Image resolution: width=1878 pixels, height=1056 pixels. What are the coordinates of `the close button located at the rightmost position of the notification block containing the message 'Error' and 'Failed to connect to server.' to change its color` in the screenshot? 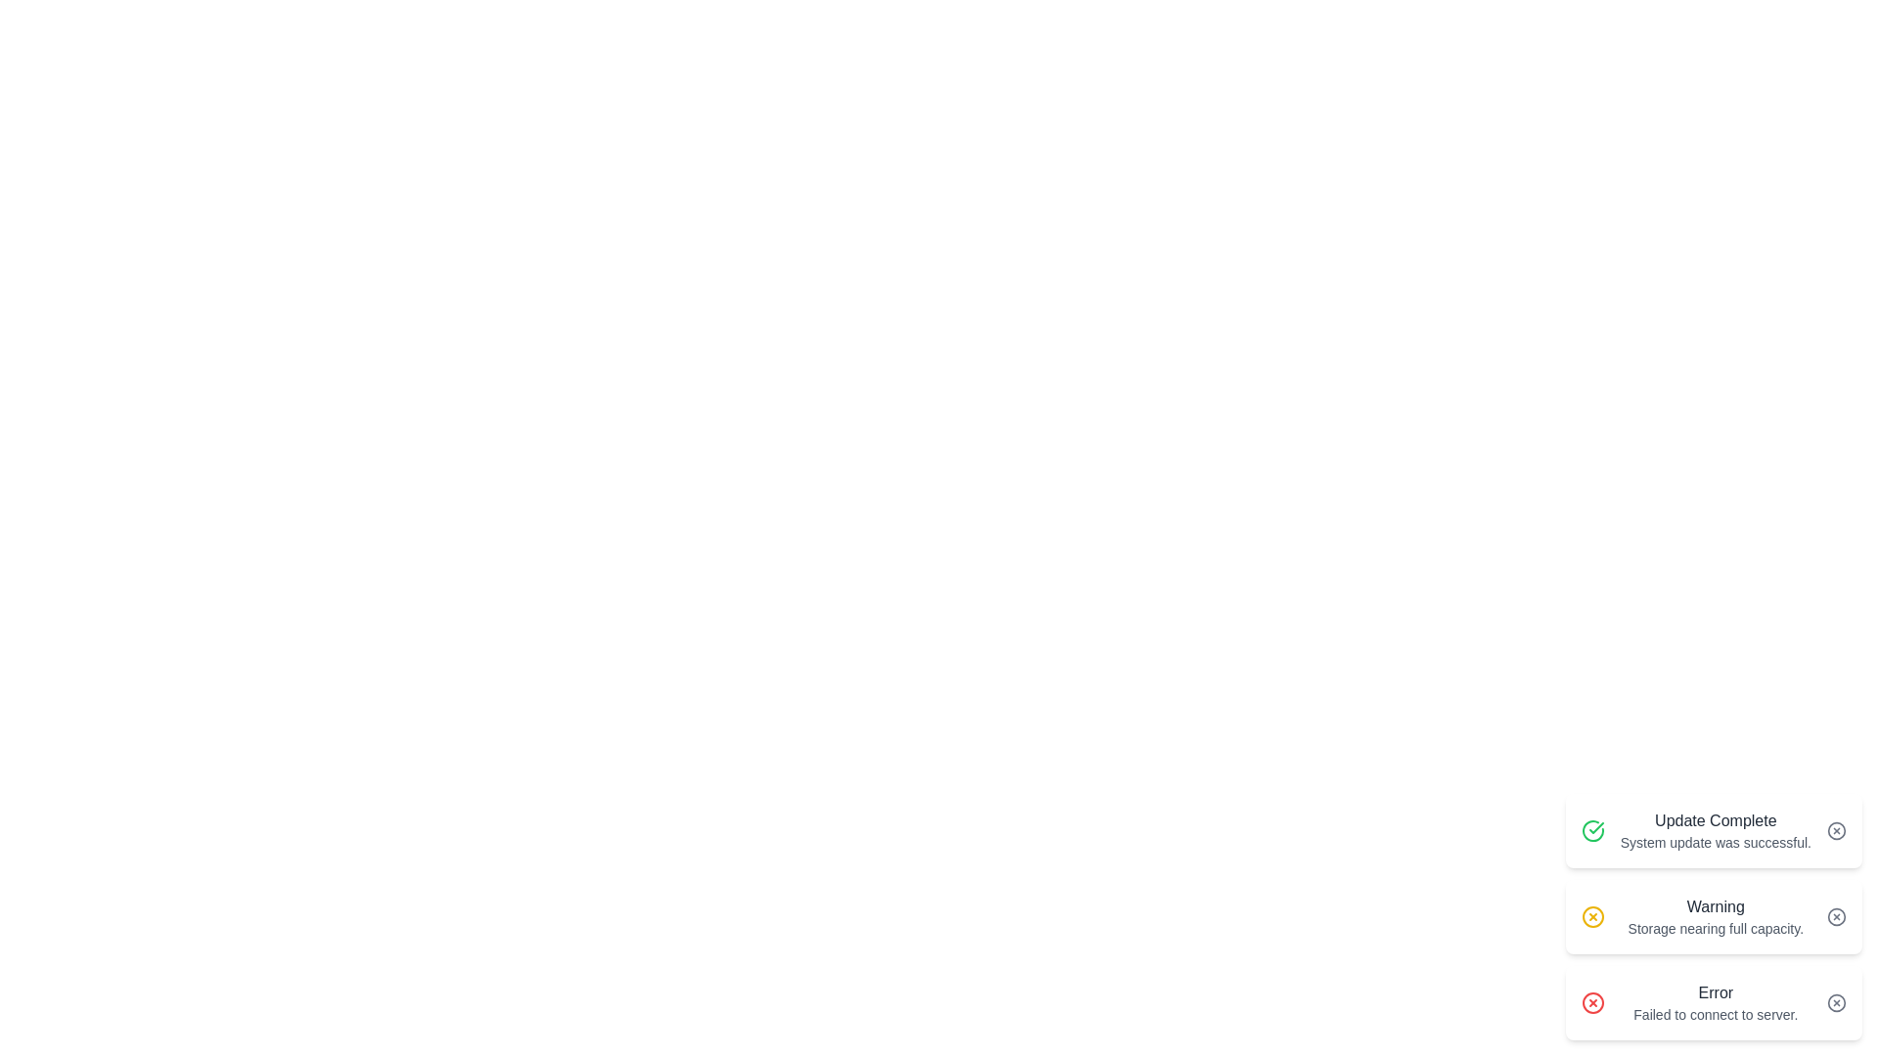 It's located at (1835, 1003).